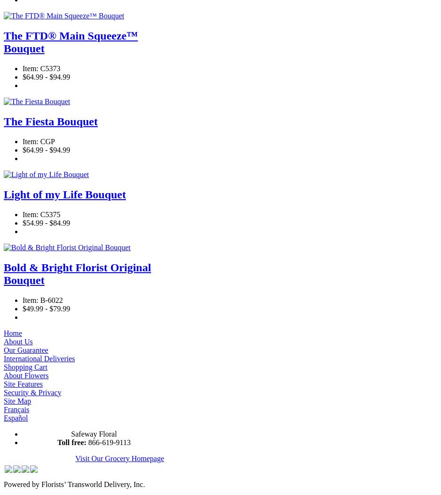 The height and width of the screenshot is (495, 441). I want to click on 'Item: CGP', so click(22, 140).